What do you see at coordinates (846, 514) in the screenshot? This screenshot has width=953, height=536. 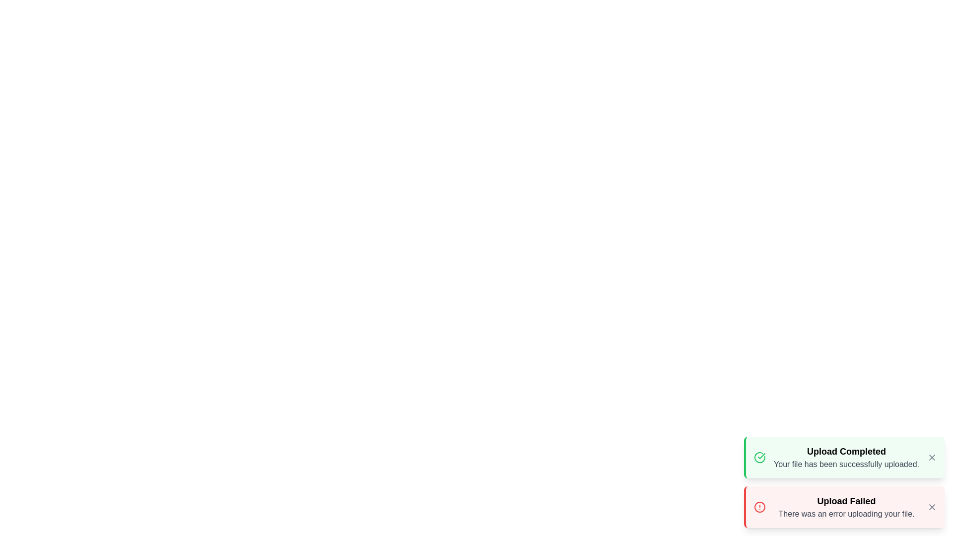 I see `text label stating 'There was an error uploading your file.' which is located in a red notification box below the 'Upload Failed' header` at bounding box center [846, 514].